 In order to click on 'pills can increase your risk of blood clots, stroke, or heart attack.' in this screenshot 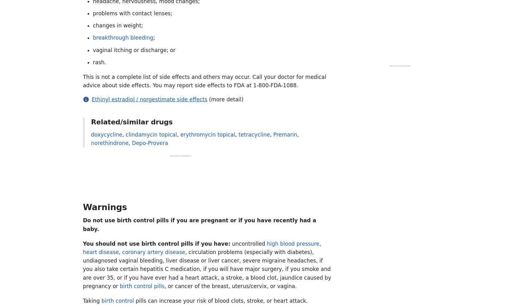, I will do `click(134, 300)`.